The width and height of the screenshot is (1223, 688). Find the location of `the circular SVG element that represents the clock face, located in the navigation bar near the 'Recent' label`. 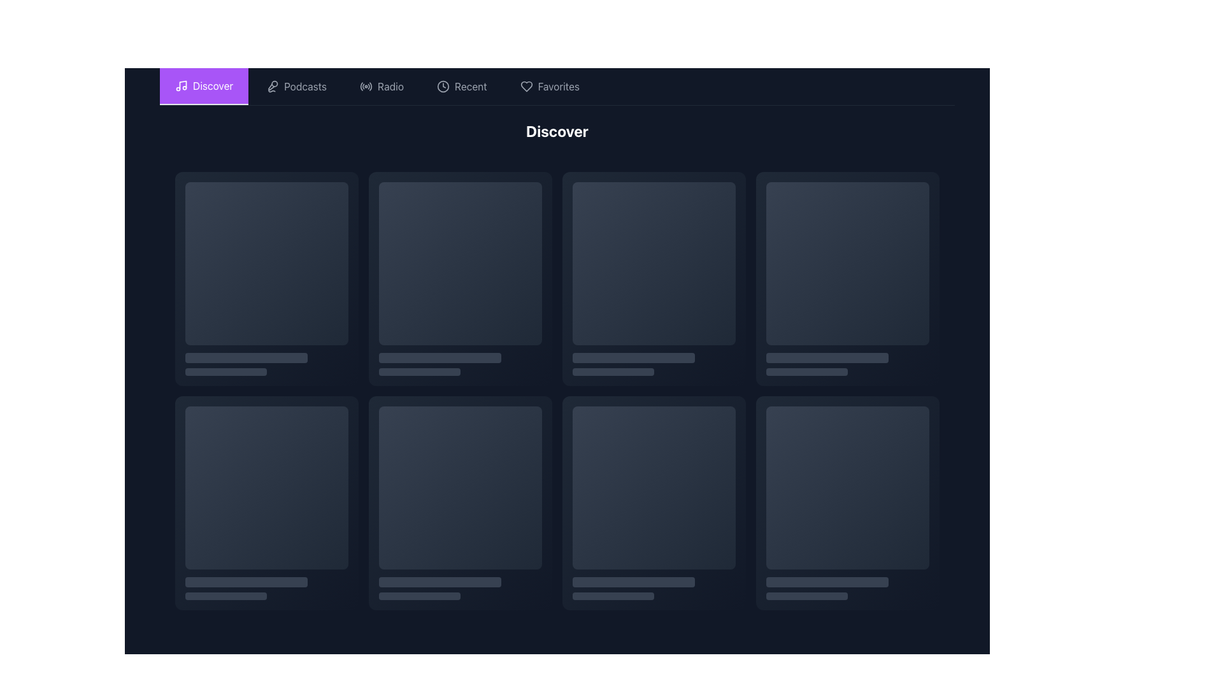

the circular SVG element that represents the clock face, located in the navigation bar near the 'Recent' label is located at coordinates (443, 86).